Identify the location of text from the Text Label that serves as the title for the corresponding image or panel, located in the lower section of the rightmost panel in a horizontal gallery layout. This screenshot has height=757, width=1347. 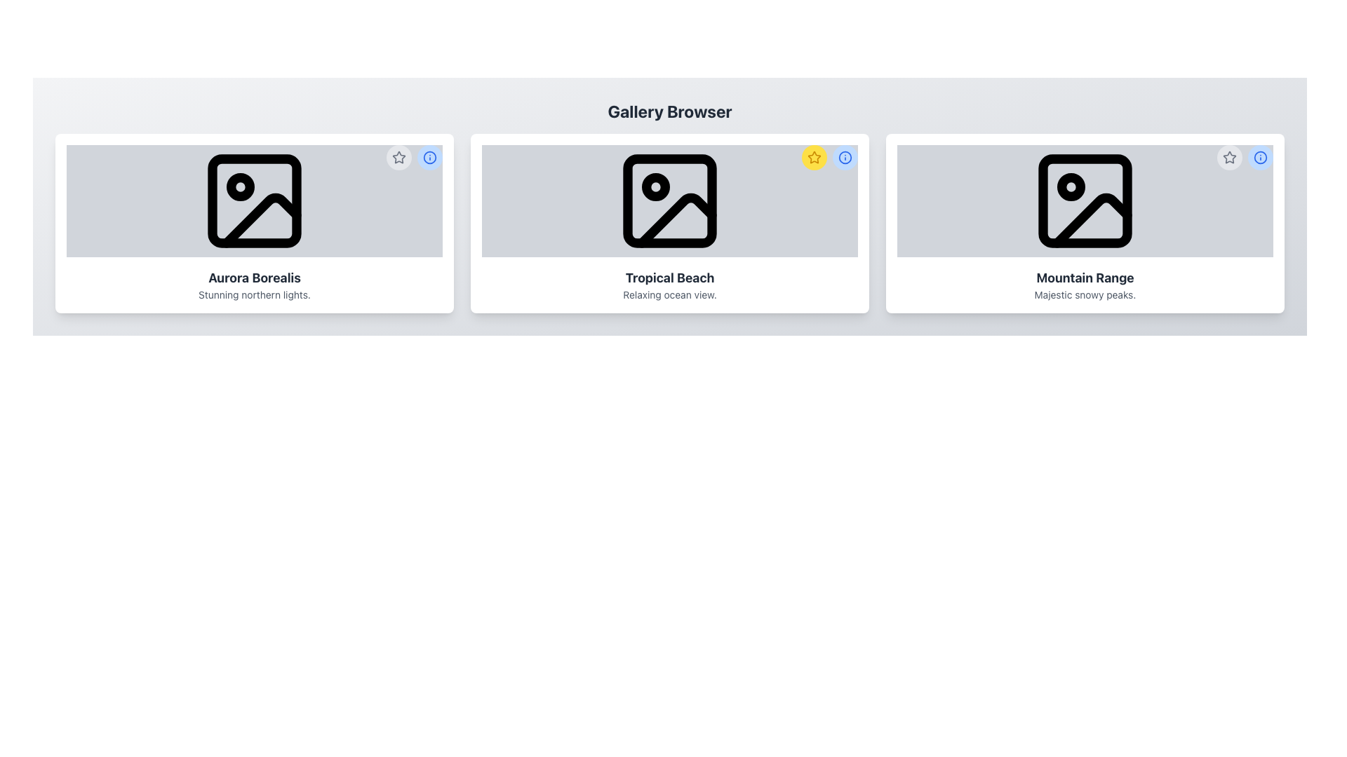
(1084, 278).